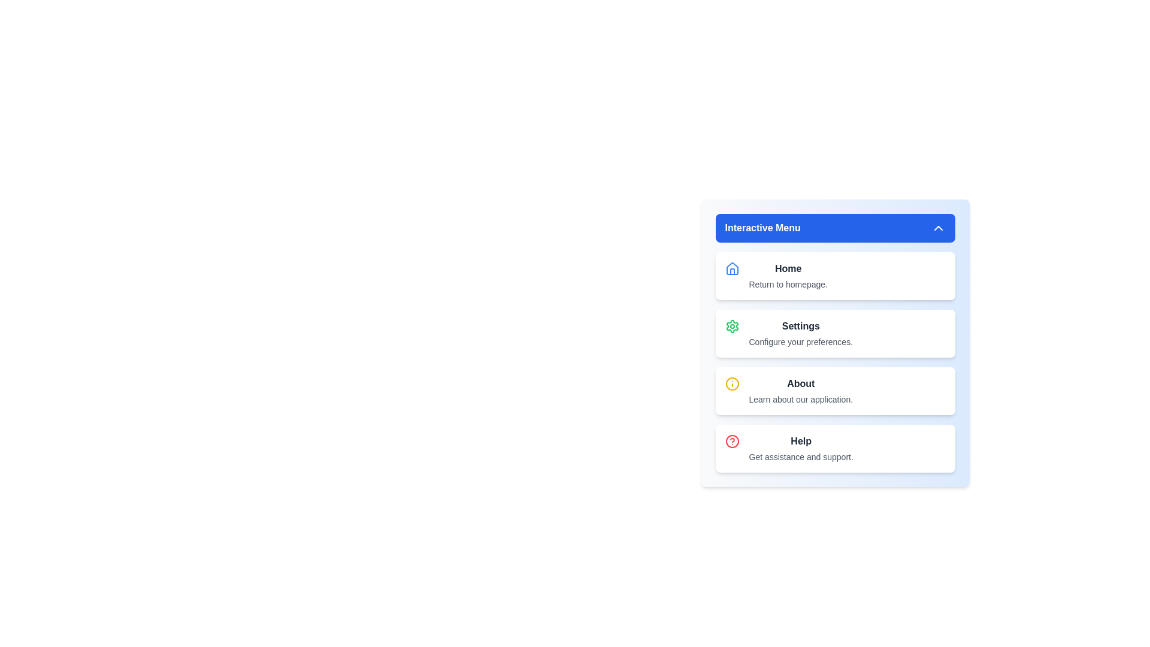 The image size is (1150, 647). I want to click on the Decorative icon (circle with outline) located at the center of the 'About' button in the interactive menu, which is a yellow circular outline used to indicate the feature, so click(731, 383).